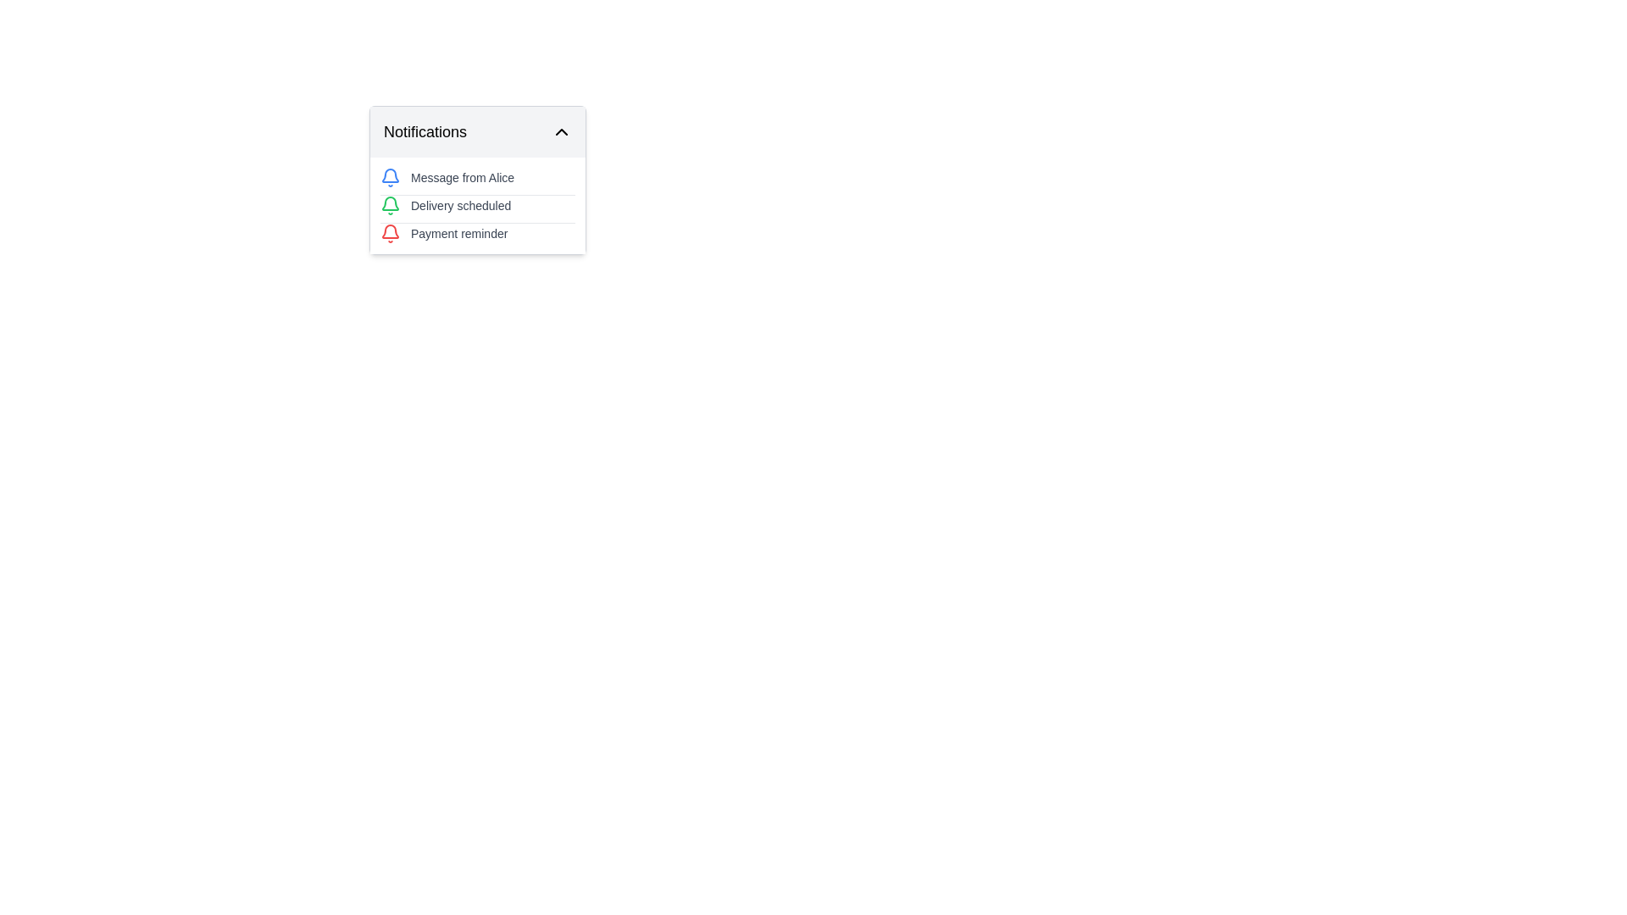  I want to click on the chevron icon at the top-right corner of the notifications section, so click(561, 130).